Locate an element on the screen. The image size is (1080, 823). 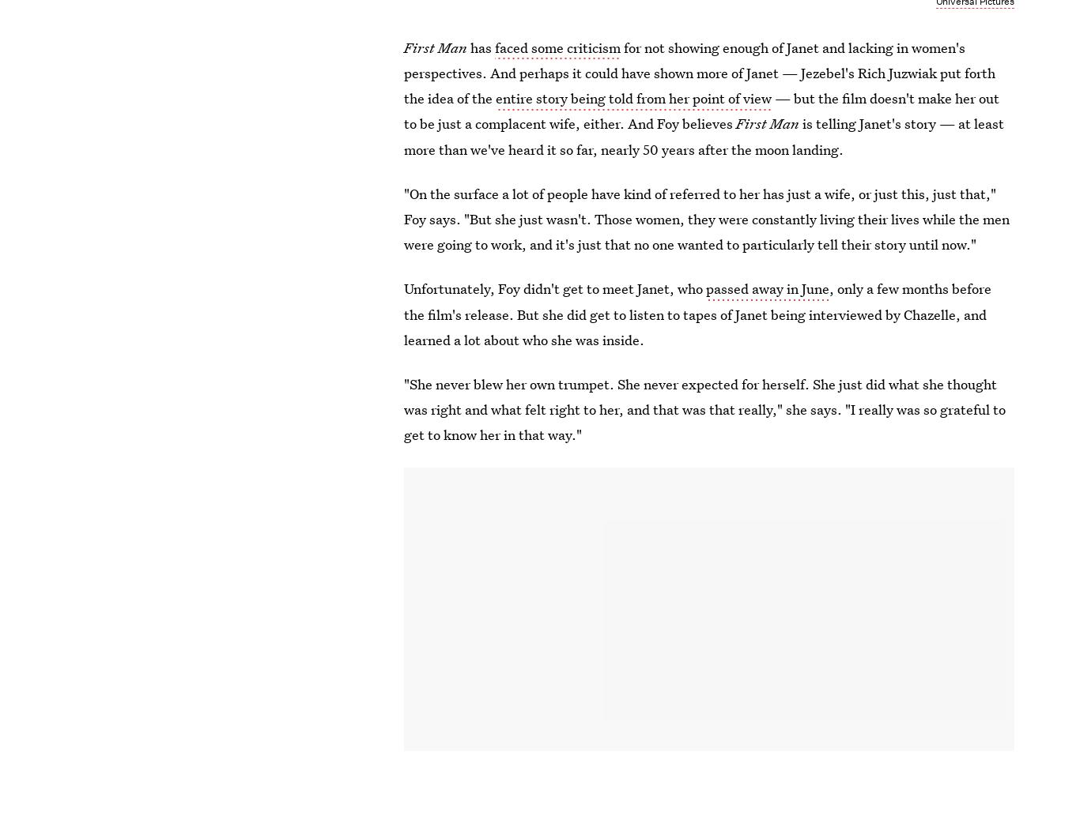
', only a few months before the film's release. But she did get to listen to tapes of Janet being interviewed by Chazelle, and learned a lot about who she was inside.' is located at coordinates (697, 313).